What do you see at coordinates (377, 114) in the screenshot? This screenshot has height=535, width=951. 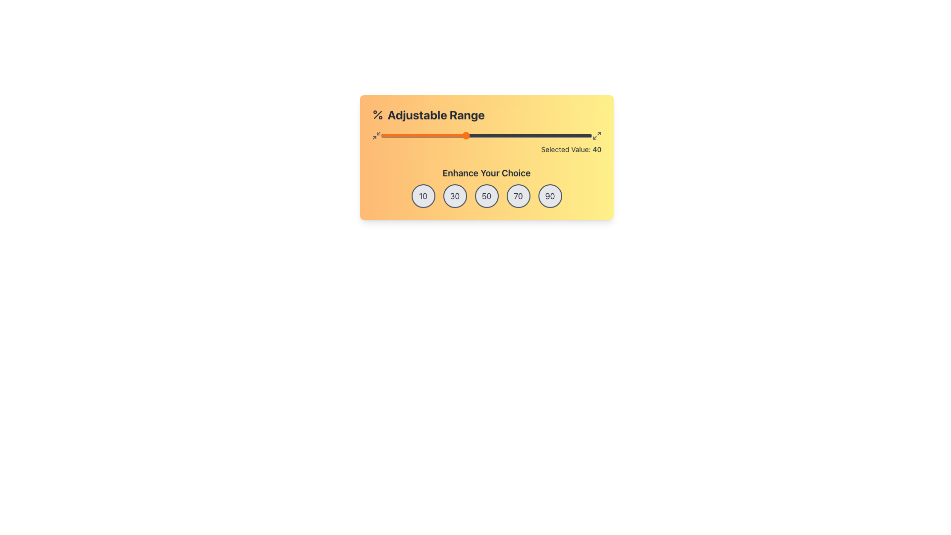 I see `the icon representing the concept of percentage, located to the left of the text 'Adjustable Range' in the header bar of the rectangular card` at bounding box center [377, 114].